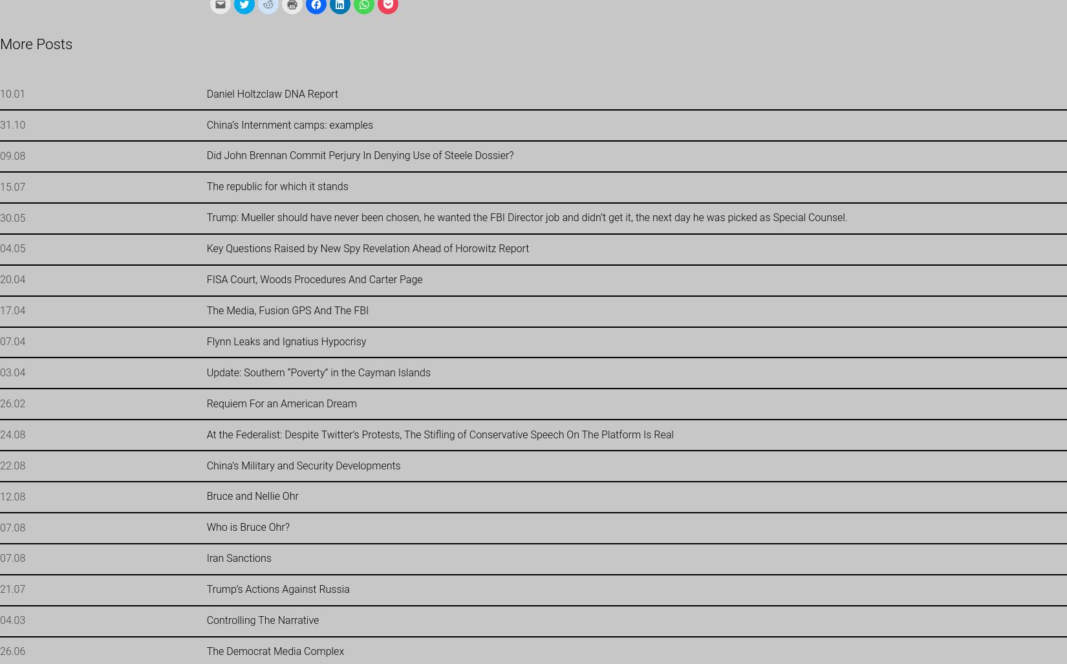 This screenshot has width=1067, height=664. I want to click on '30.05', so click(12, 217).